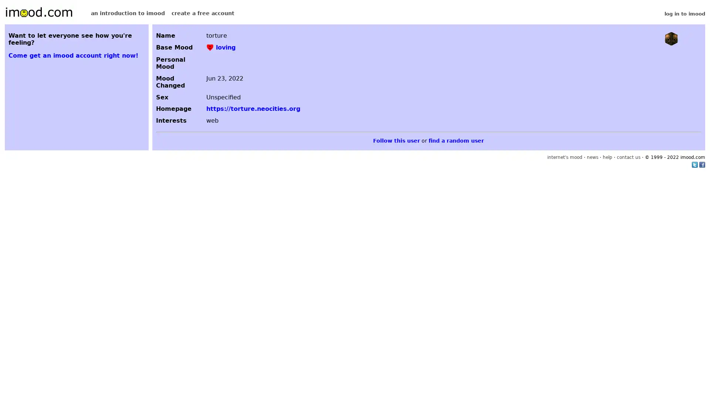 The height and width of the screenshot is (399, 710). What do you see at coordinates (396, 140) in the screenshot?
I see `Follow this user` at bounding box center [396, 140].